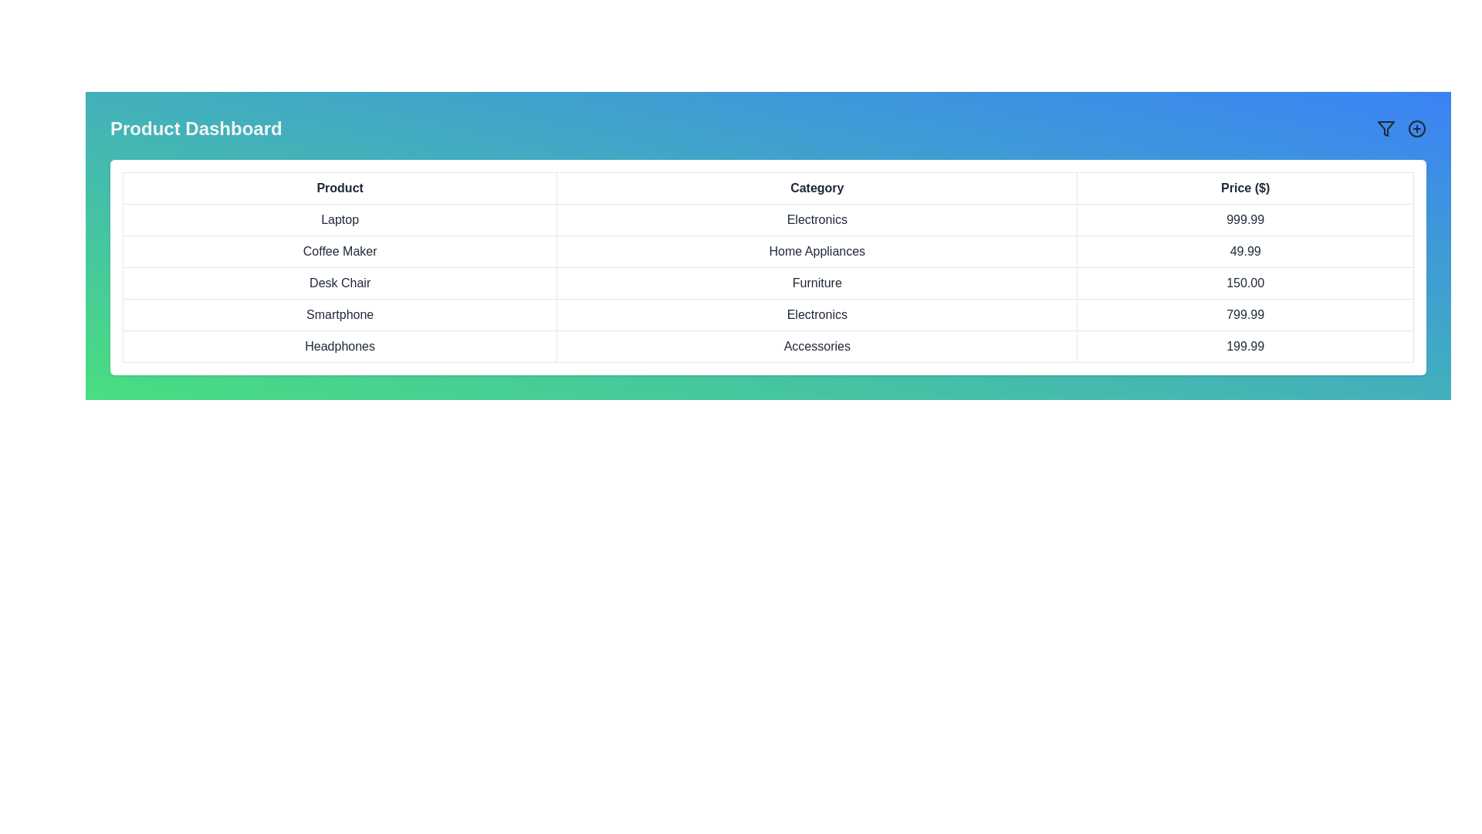 The width and height of the screenshot is (1482, 834). I want to click on the Text element displaying the price value '49.99', which is located in the third column of the second row under the header 'Price ($)' in a table structure, so click(1245, 251).